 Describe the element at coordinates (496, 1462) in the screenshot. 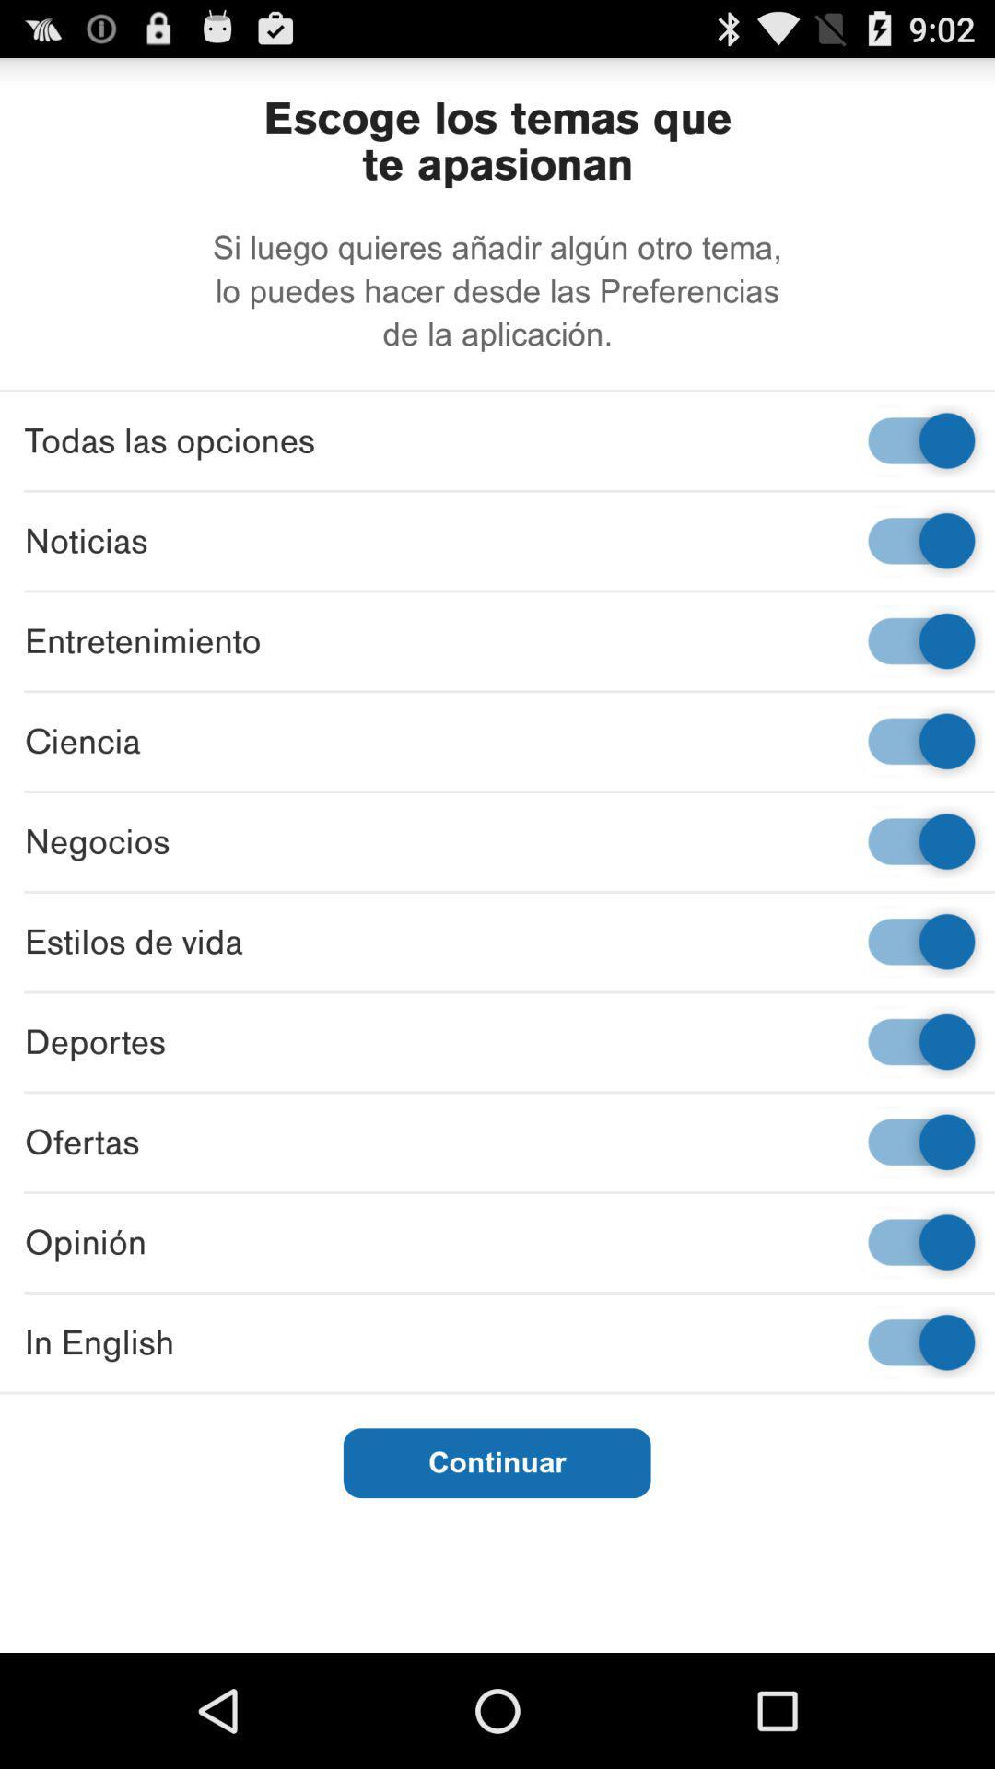

I see `the continuar icon` at that location.